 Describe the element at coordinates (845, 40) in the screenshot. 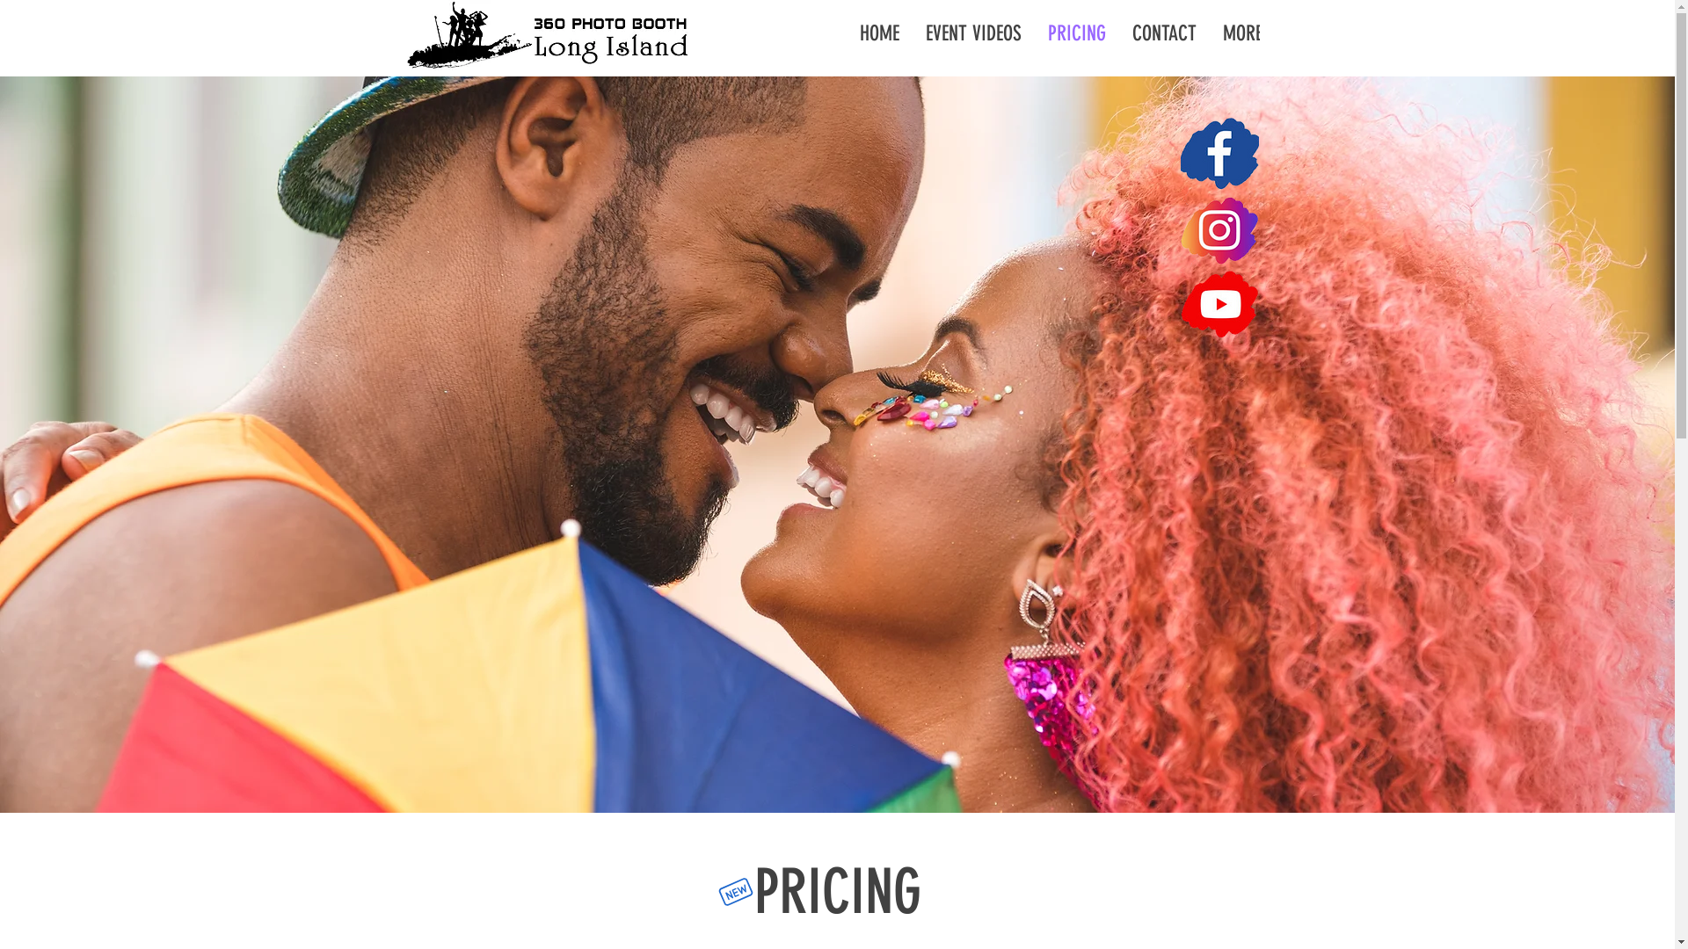

I see `'HOME'` at that location.